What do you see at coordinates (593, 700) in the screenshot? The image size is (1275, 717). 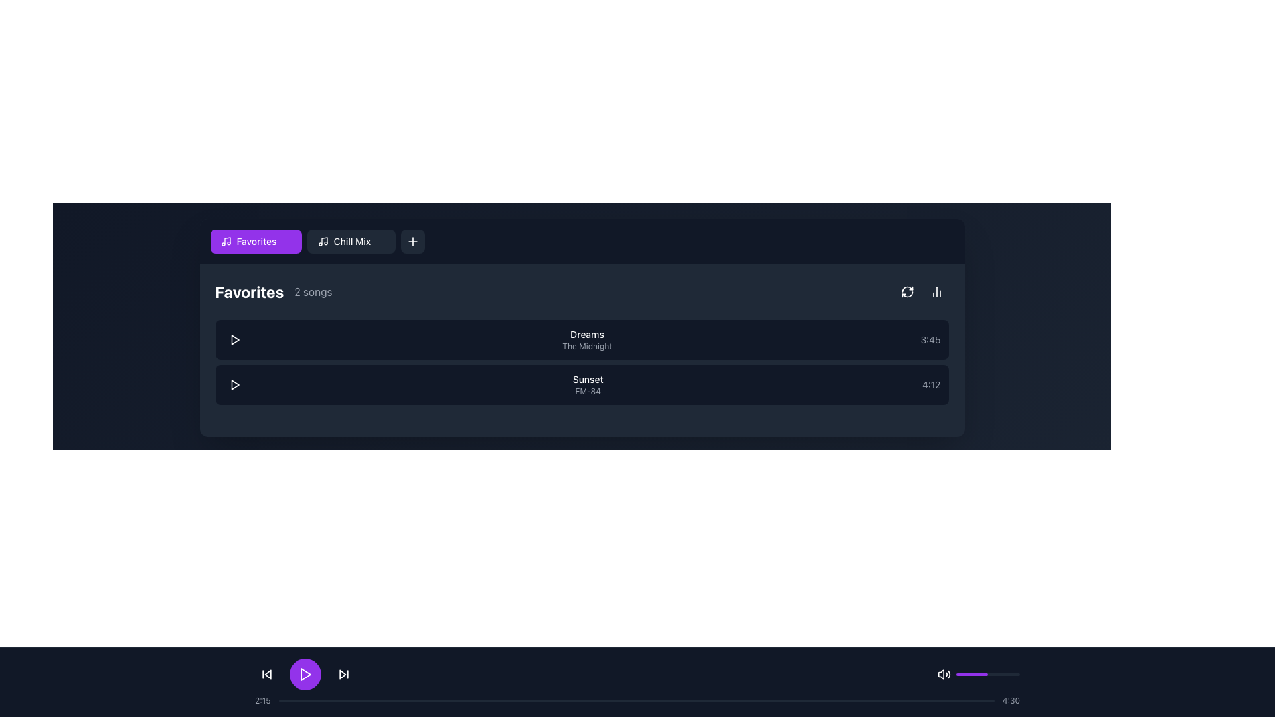 I see `the progress bar` at bounding box center [593, 700].